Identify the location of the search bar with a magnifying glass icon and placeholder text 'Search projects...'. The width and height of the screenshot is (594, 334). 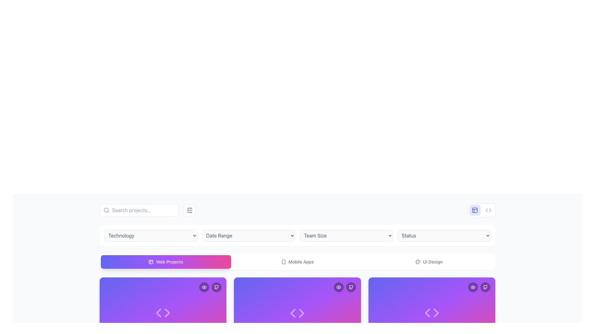
(139, 210).